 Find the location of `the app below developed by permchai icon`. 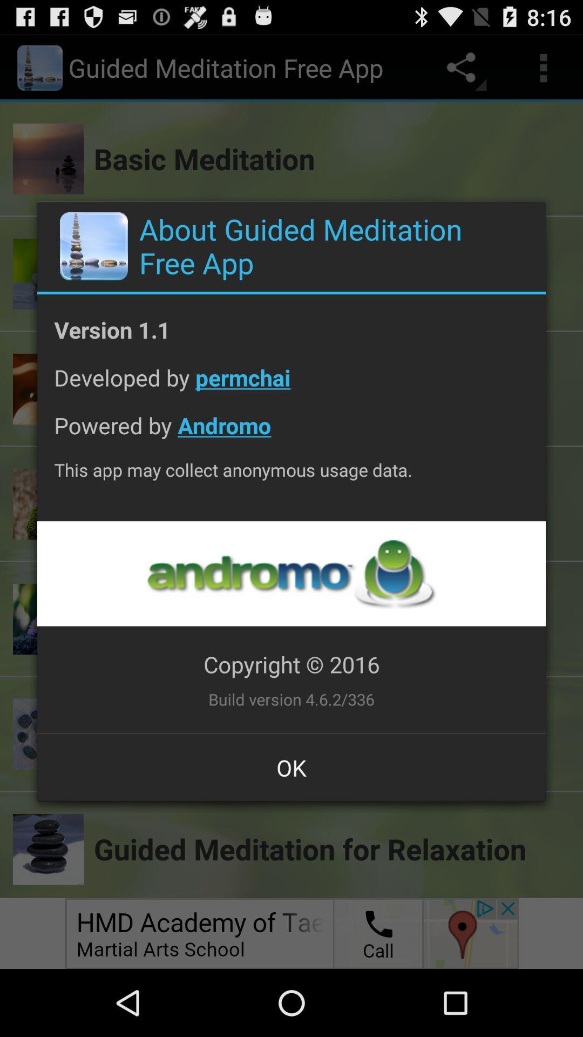

the app below developed by permchai icon is located at coordinates (291, 434).